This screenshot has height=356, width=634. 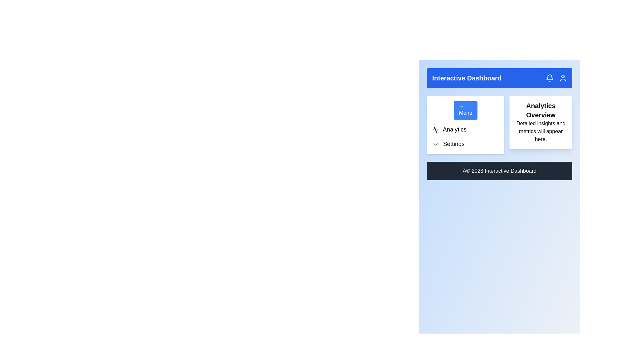 I want to click on the dropdown indicator arrow icon located to the left of the 'Settings' text, so click(x=436, y=144).